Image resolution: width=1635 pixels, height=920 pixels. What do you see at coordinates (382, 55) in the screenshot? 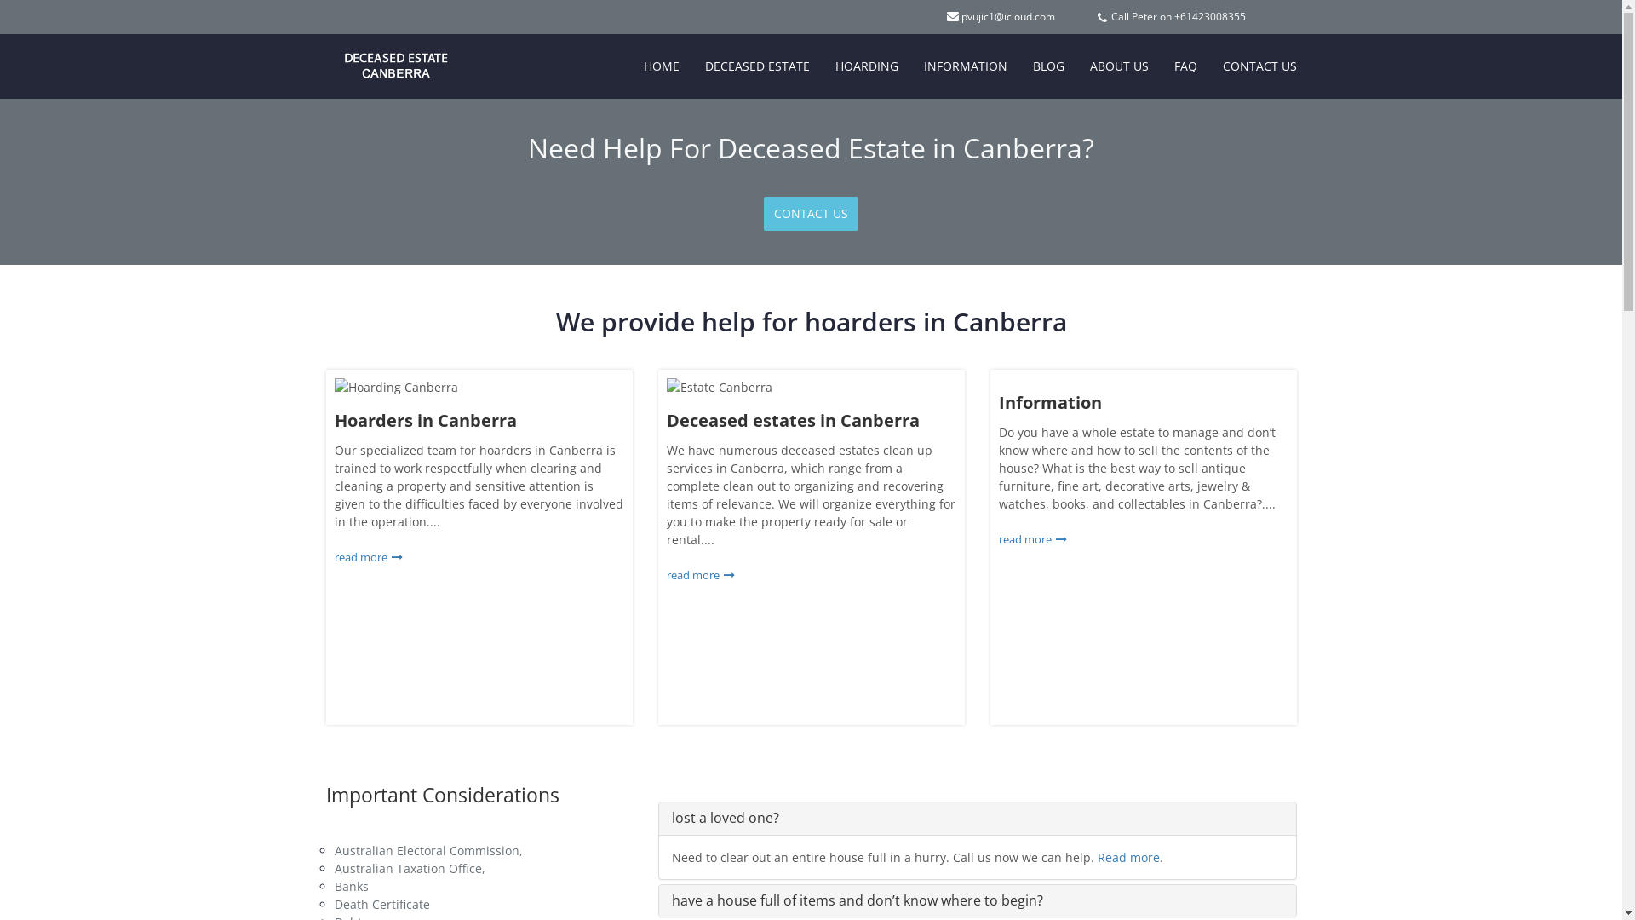
I see `'Deceased Estate Canberra'` at bounding box center [382, 55].